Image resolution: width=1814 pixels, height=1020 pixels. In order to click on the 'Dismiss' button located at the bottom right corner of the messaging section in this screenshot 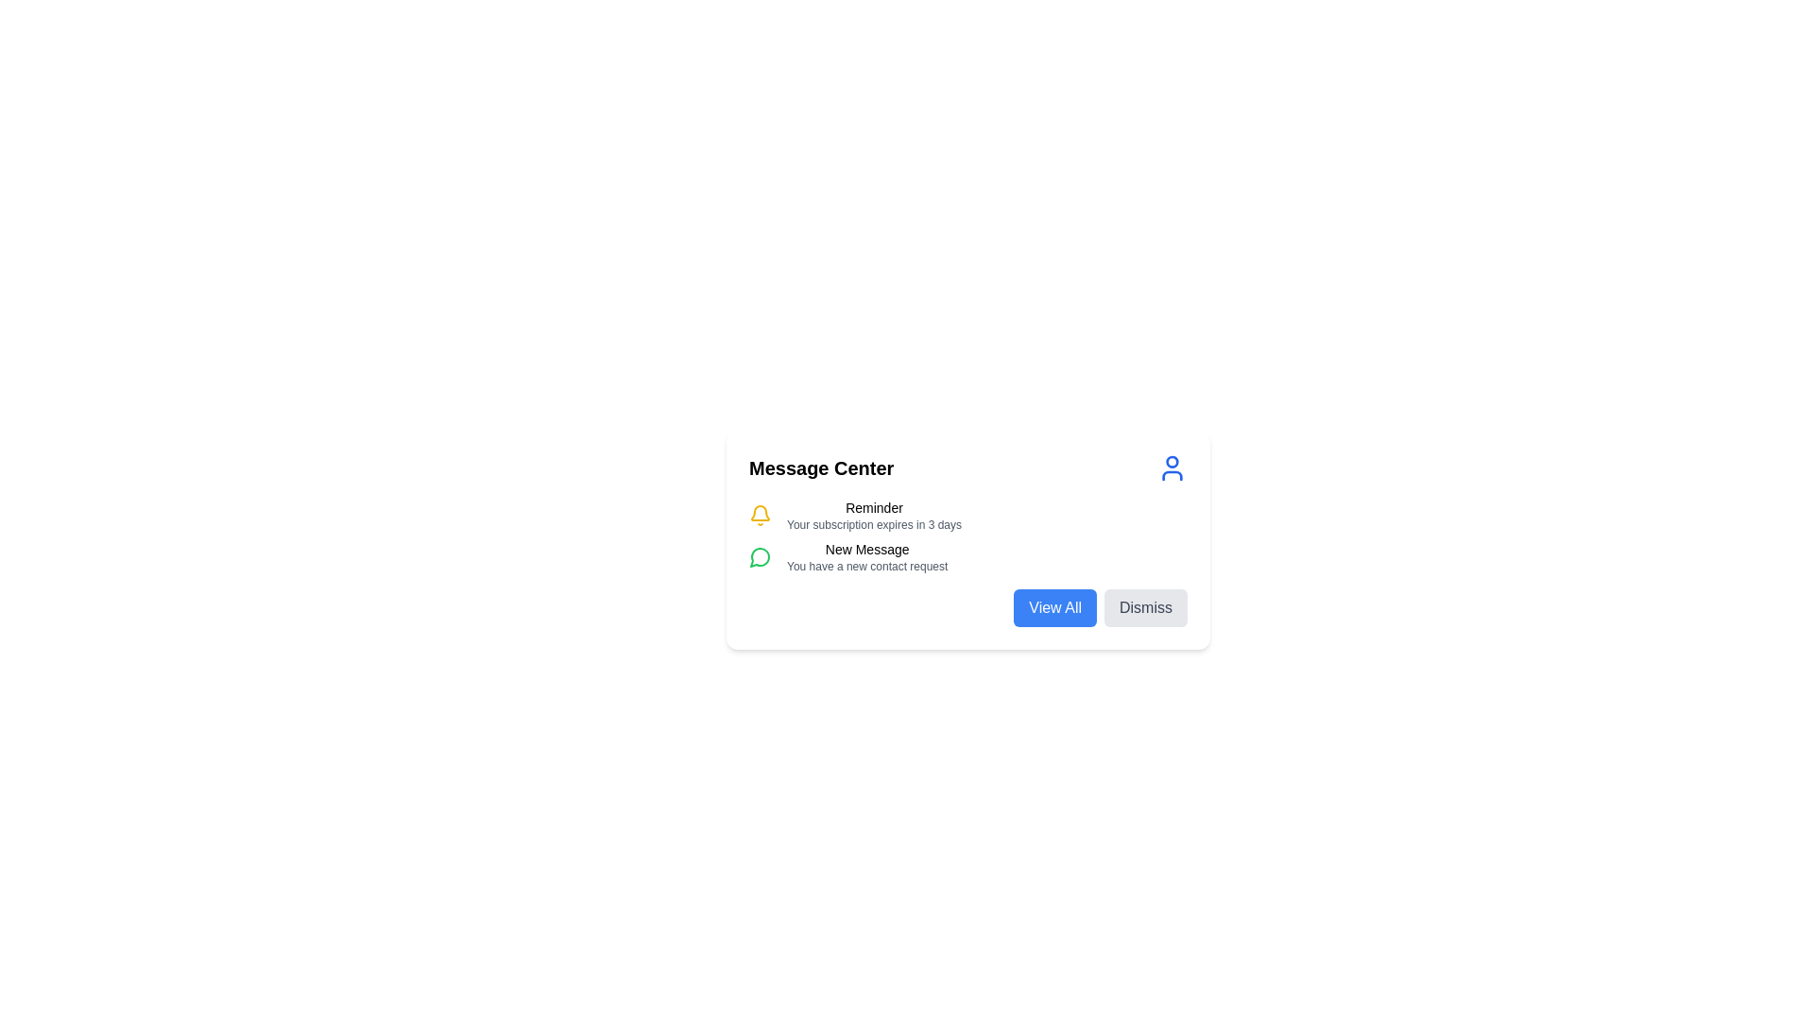, I will do `click(1145, 608)`.